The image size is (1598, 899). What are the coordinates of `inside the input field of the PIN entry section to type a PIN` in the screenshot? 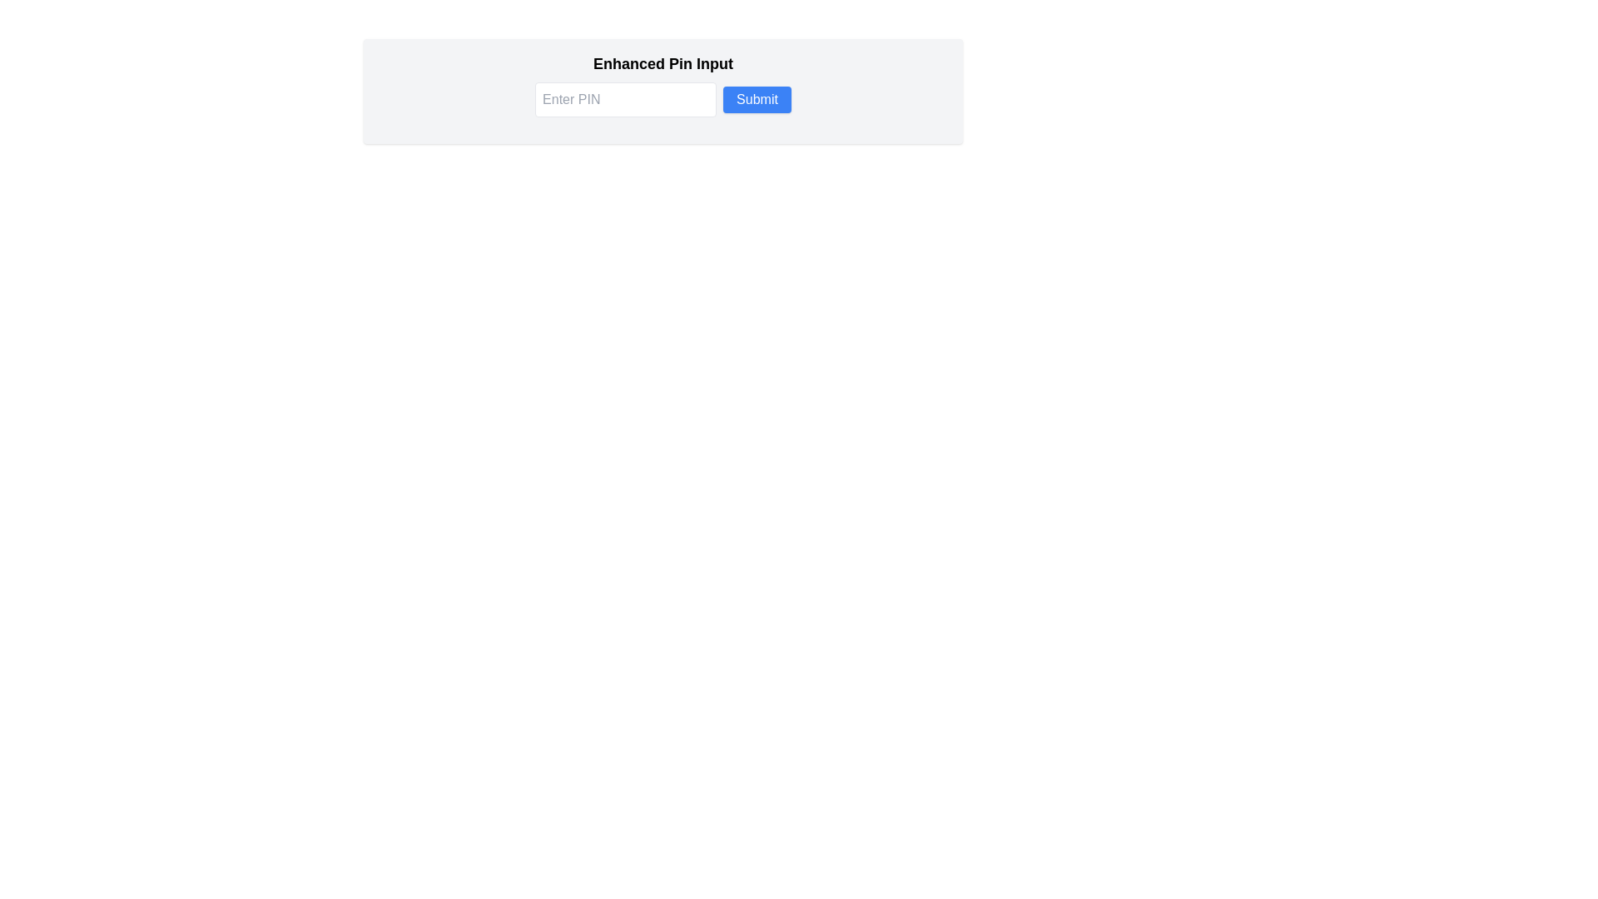 It's located at (662, 92).